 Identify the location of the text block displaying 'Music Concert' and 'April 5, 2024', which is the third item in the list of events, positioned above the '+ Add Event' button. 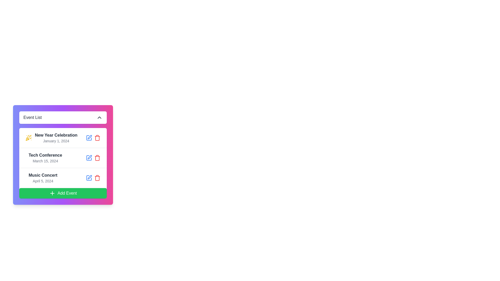
(43, 177).